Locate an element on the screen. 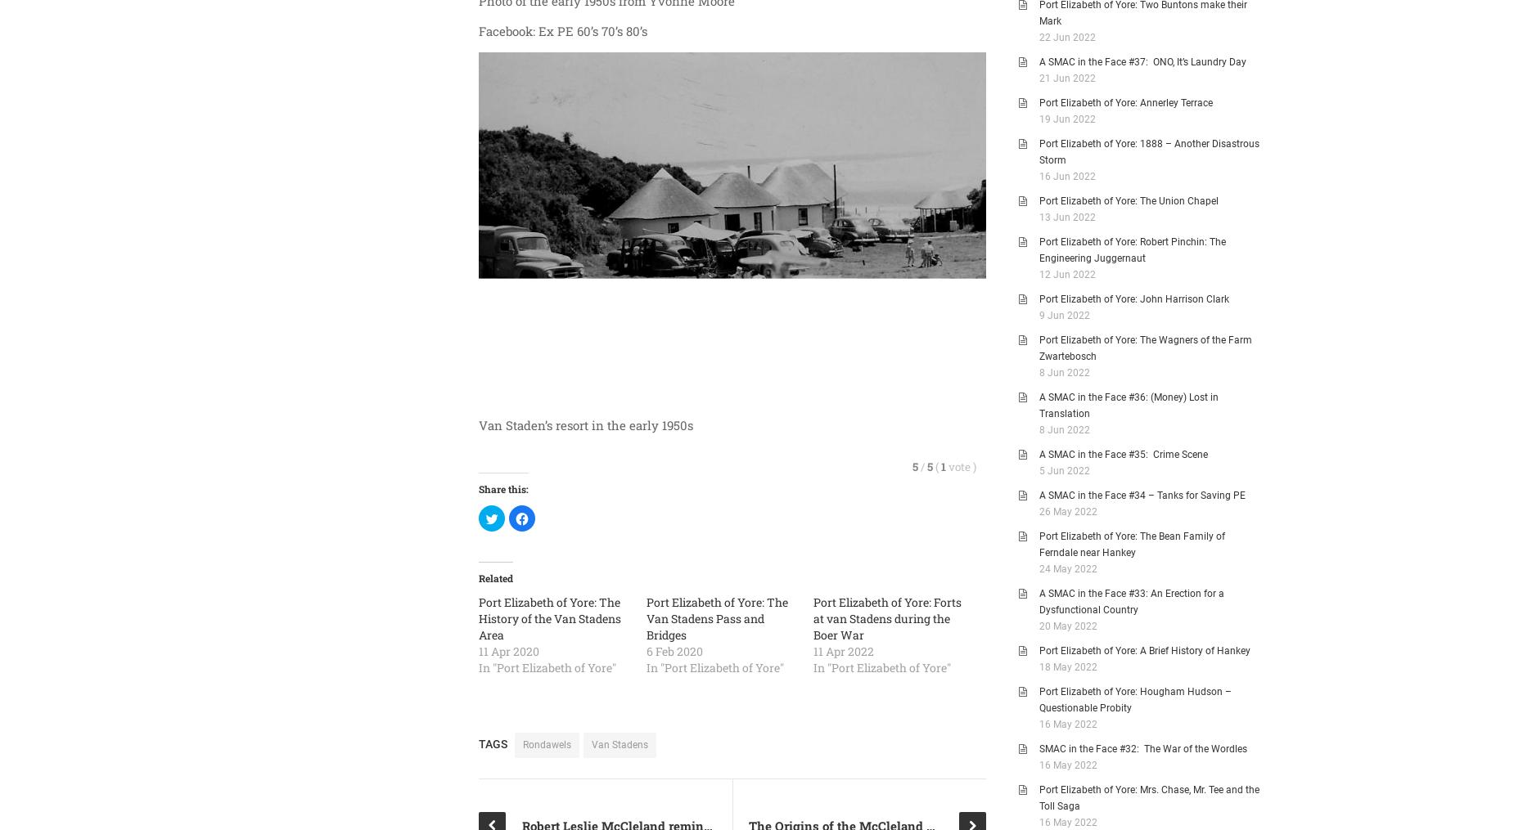 This screenshot has height=830, width=1514. '19 Jun 2022' is located at coordinates (1066, 119).